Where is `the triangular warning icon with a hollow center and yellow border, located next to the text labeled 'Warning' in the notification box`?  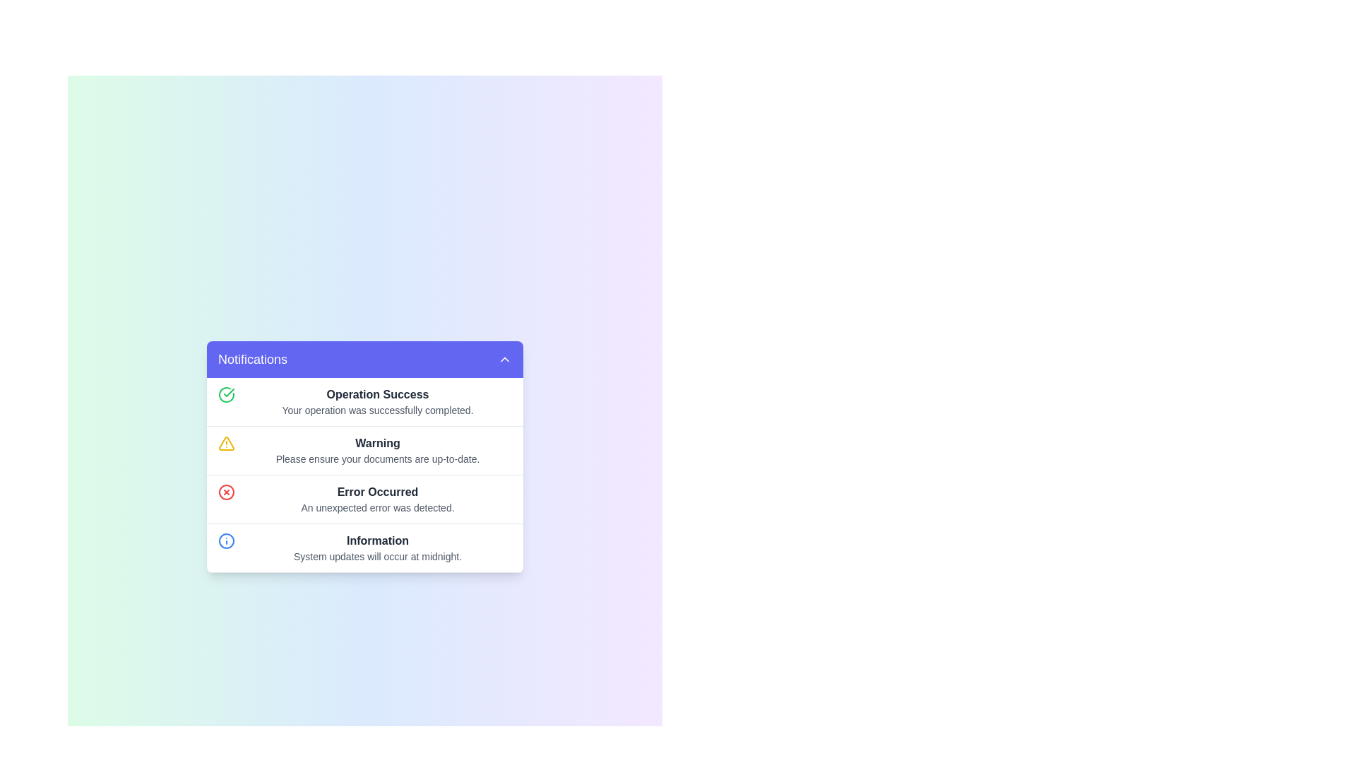 the triangular warning icon with a hollow center and yellow border, located next to the text labeled 'Warning' in the notification box is located at coordinates (227, 443).